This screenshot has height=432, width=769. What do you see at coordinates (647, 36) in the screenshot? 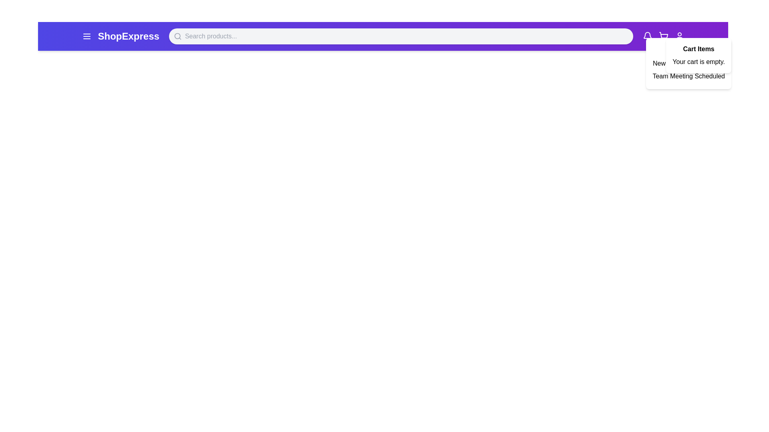
I see `the notification bell icon to toggle the notifications panel` at bounding box center [647, 36].